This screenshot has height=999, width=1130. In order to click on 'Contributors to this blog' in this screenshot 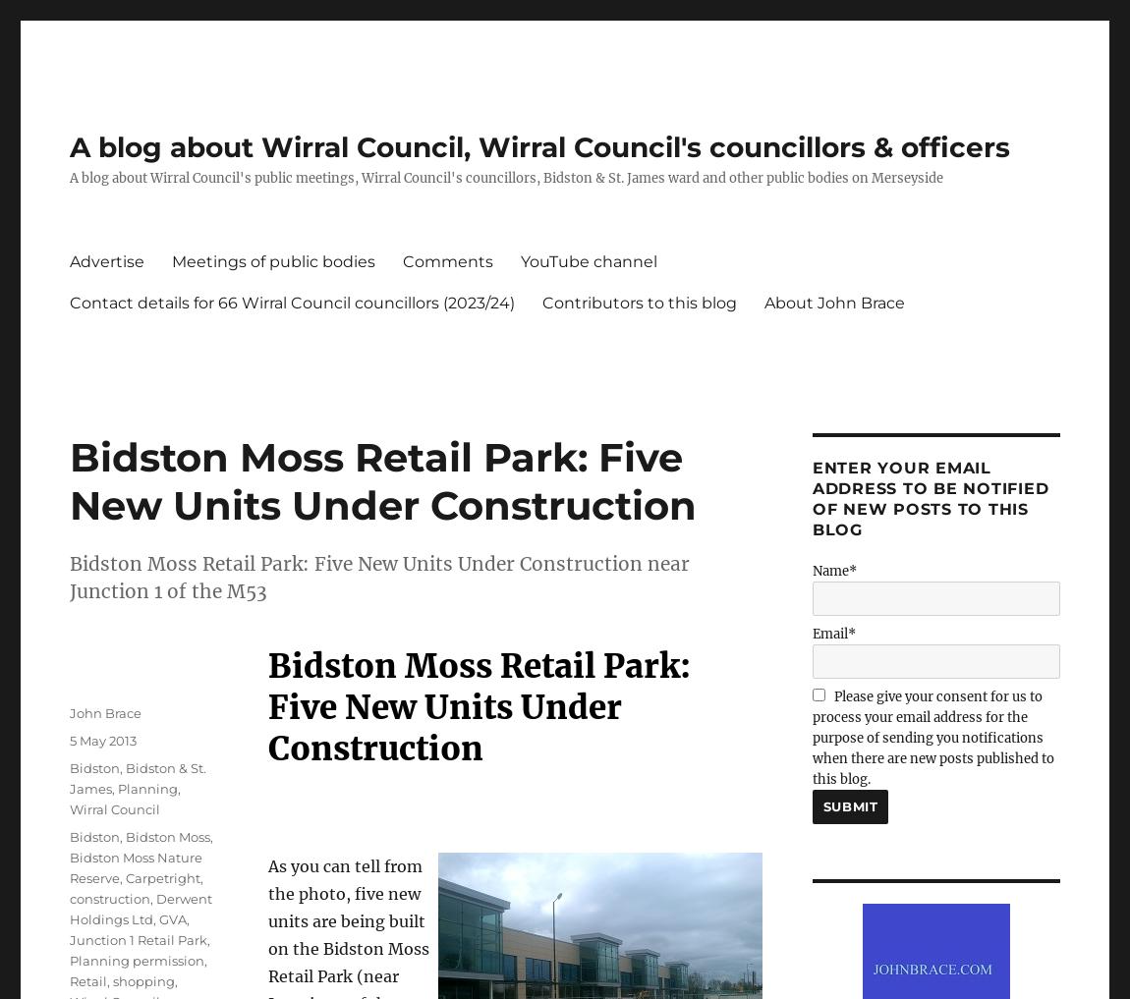, I will do `click(639, 302)`.